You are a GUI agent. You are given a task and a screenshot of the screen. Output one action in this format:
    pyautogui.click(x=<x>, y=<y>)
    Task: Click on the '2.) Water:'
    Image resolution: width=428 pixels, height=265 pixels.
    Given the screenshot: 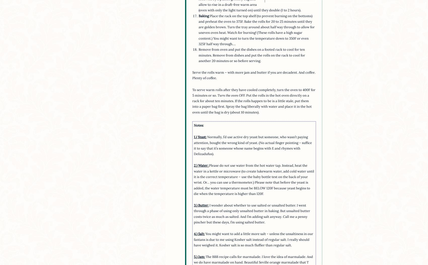 What is the action you would take?
    pyautogui.click(x=201, y=165)
    